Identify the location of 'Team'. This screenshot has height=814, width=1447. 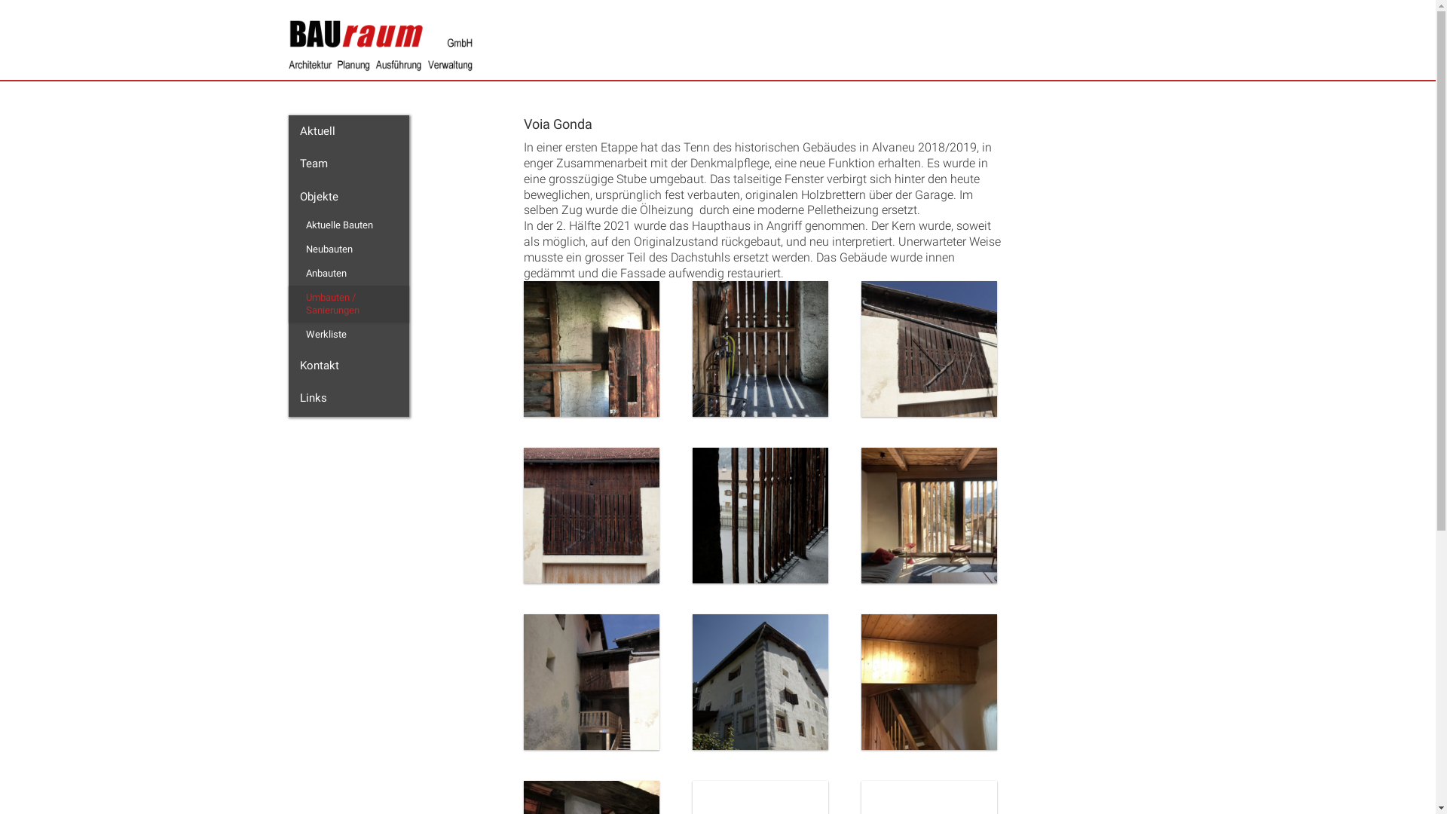
(347, 164).